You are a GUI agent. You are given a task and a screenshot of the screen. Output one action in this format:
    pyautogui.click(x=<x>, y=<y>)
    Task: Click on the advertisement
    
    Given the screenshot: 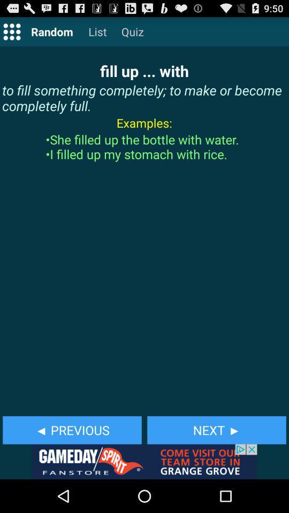 What is the action you would take?
    pyautogui.click(x=144, y=461)
    